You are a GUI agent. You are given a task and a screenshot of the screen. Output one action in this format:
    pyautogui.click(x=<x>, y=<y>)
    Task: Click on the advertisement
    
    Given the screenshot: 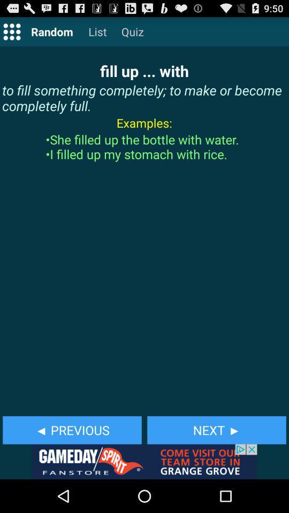 What is the action you would take?
    pyautogui.click(x=144, y=461)
    